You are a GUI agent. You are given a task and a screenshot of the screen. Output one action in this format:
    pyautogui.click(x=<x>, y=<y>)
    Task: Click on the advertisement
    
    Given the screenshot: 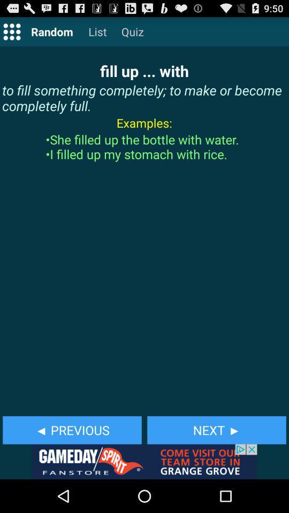 What is the action you would take?
    pyautogui.click(x=144, y=461)
    